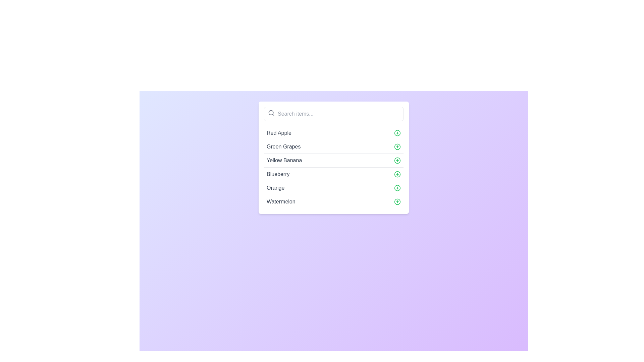 This screenshot has height=362, width=644. Describe the element at coordinates (271, 112) in the screenshot. I see `the magnifying glass icon used for search, located at the left-most area within the input field` at that location.